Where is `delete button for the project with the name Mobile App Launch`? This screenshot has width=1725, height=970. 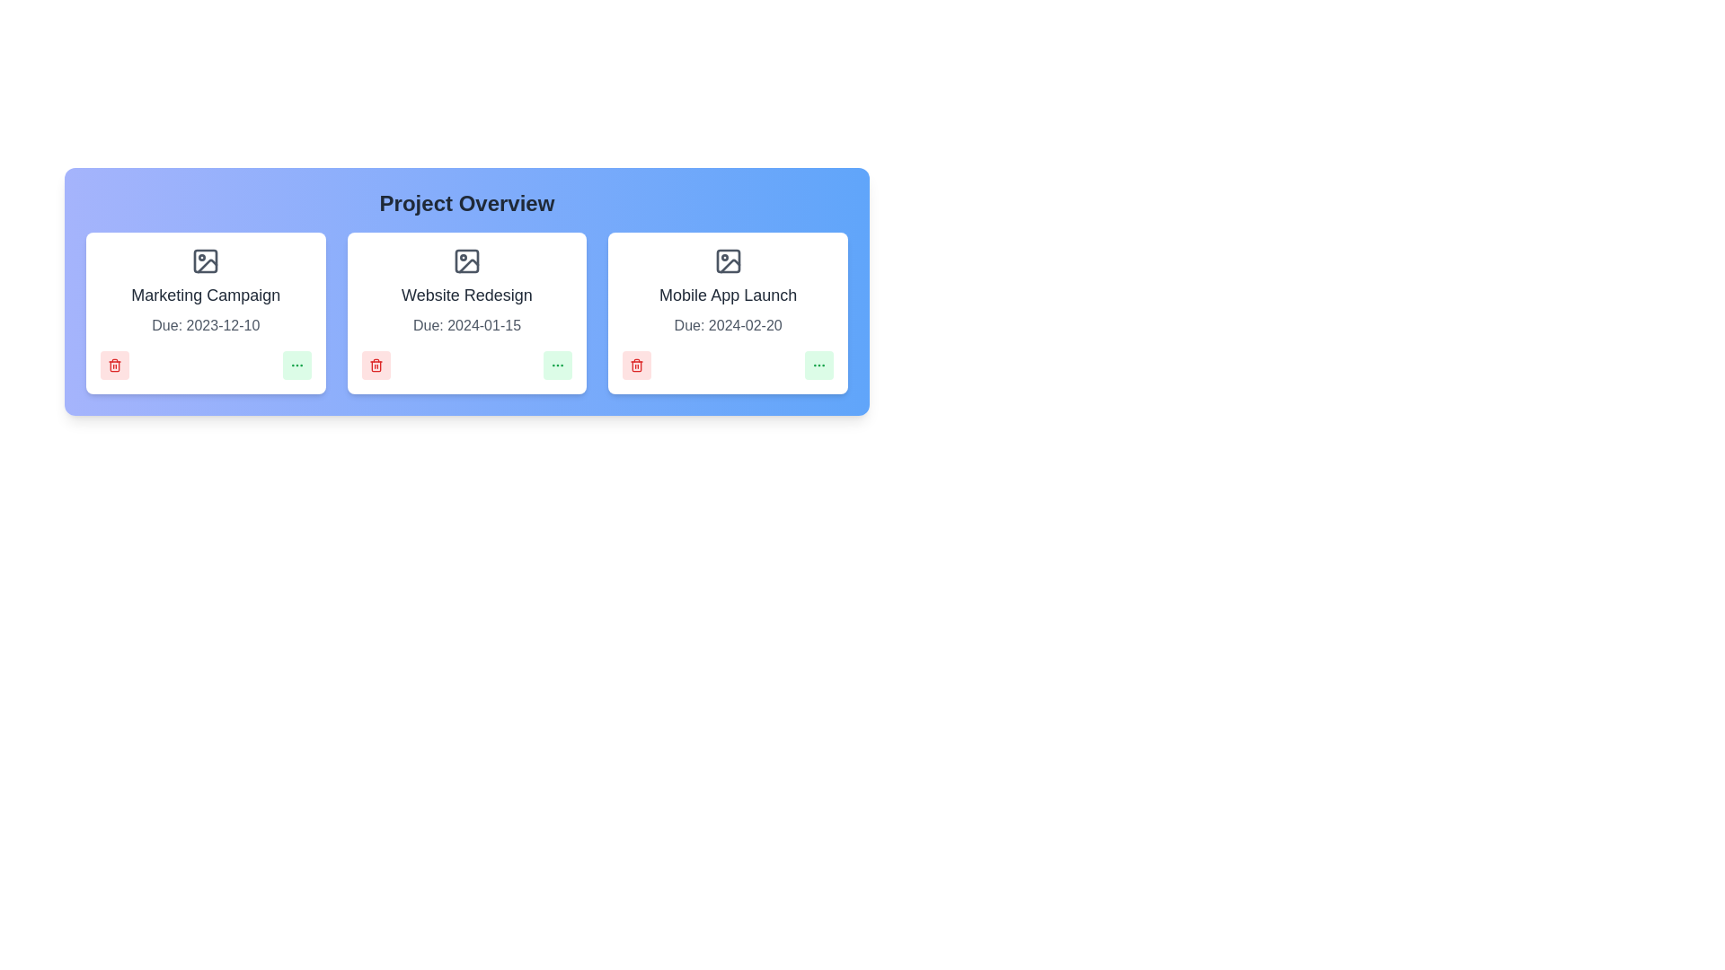 delete button for the project with the name Mobile App Launch is located at coordinates (637, 365).